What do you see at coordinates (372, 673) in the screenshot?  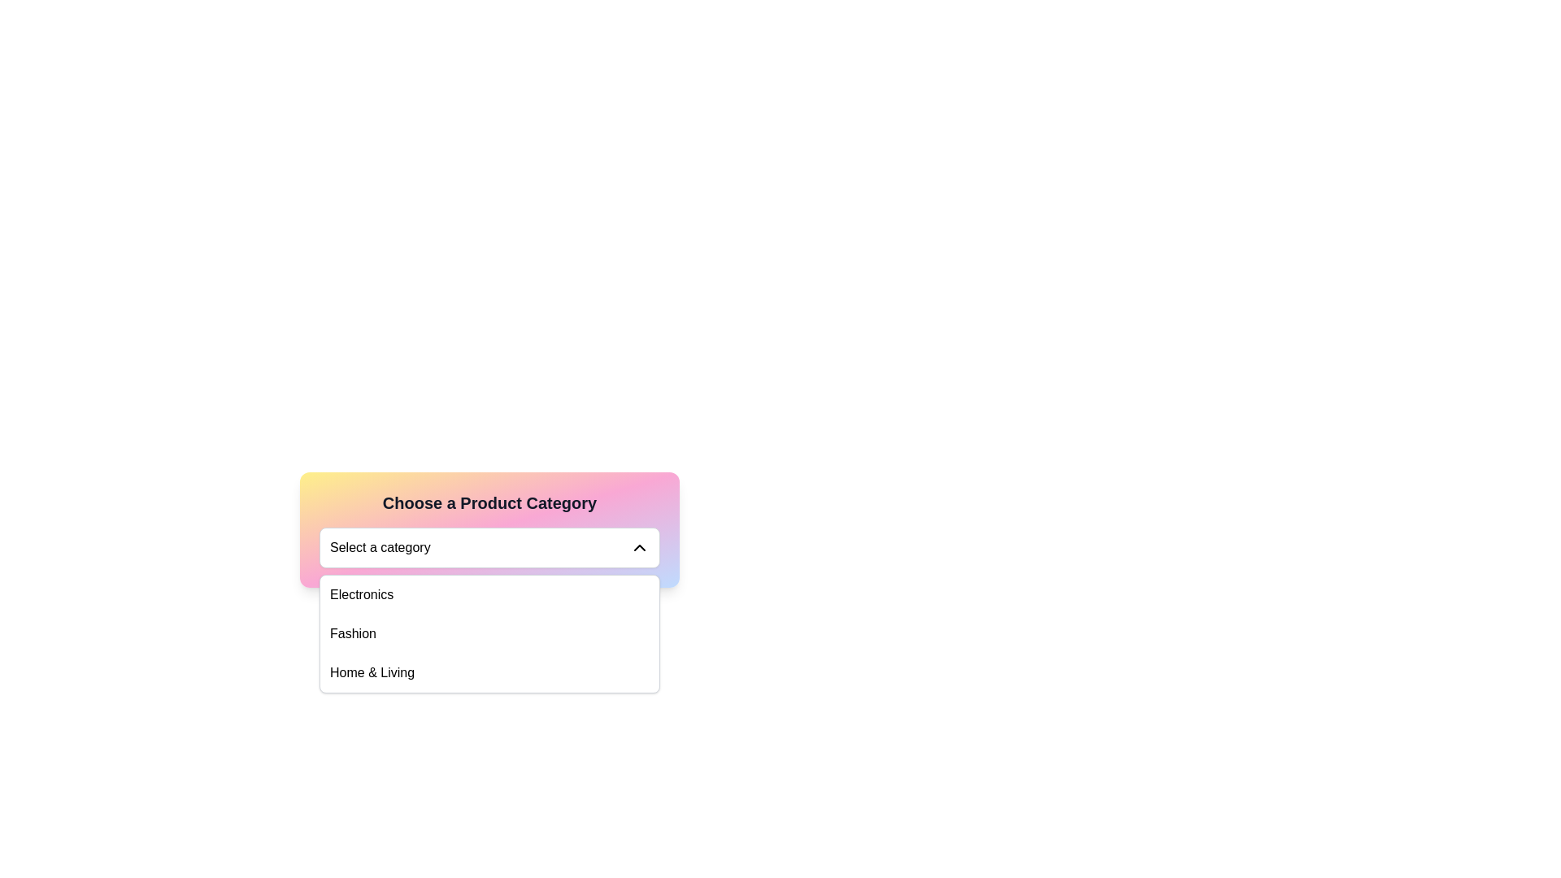 I see `the 'Home & Living' option in the dropdown menu located in the 'Choose a Product Category' section, which is the third item below 'Fashion'` at bounding box center [372, 673].